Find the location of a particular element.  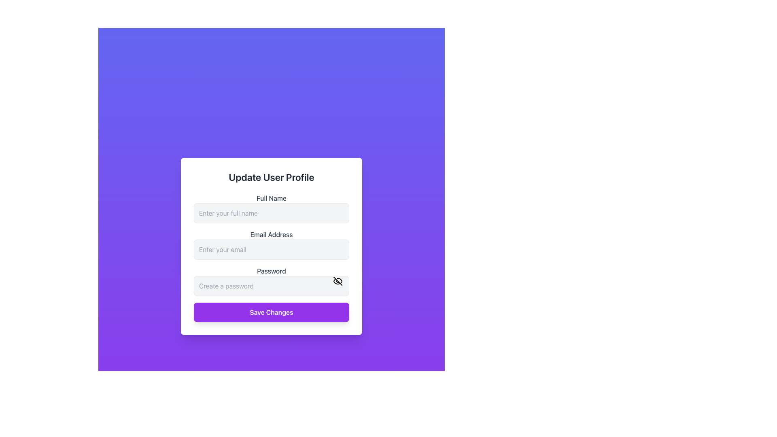

the Text label that indicates the purpose of the input field for entering a full name, located at the topmost section of the form and centered horizontally is located at coordinates (272, 198).